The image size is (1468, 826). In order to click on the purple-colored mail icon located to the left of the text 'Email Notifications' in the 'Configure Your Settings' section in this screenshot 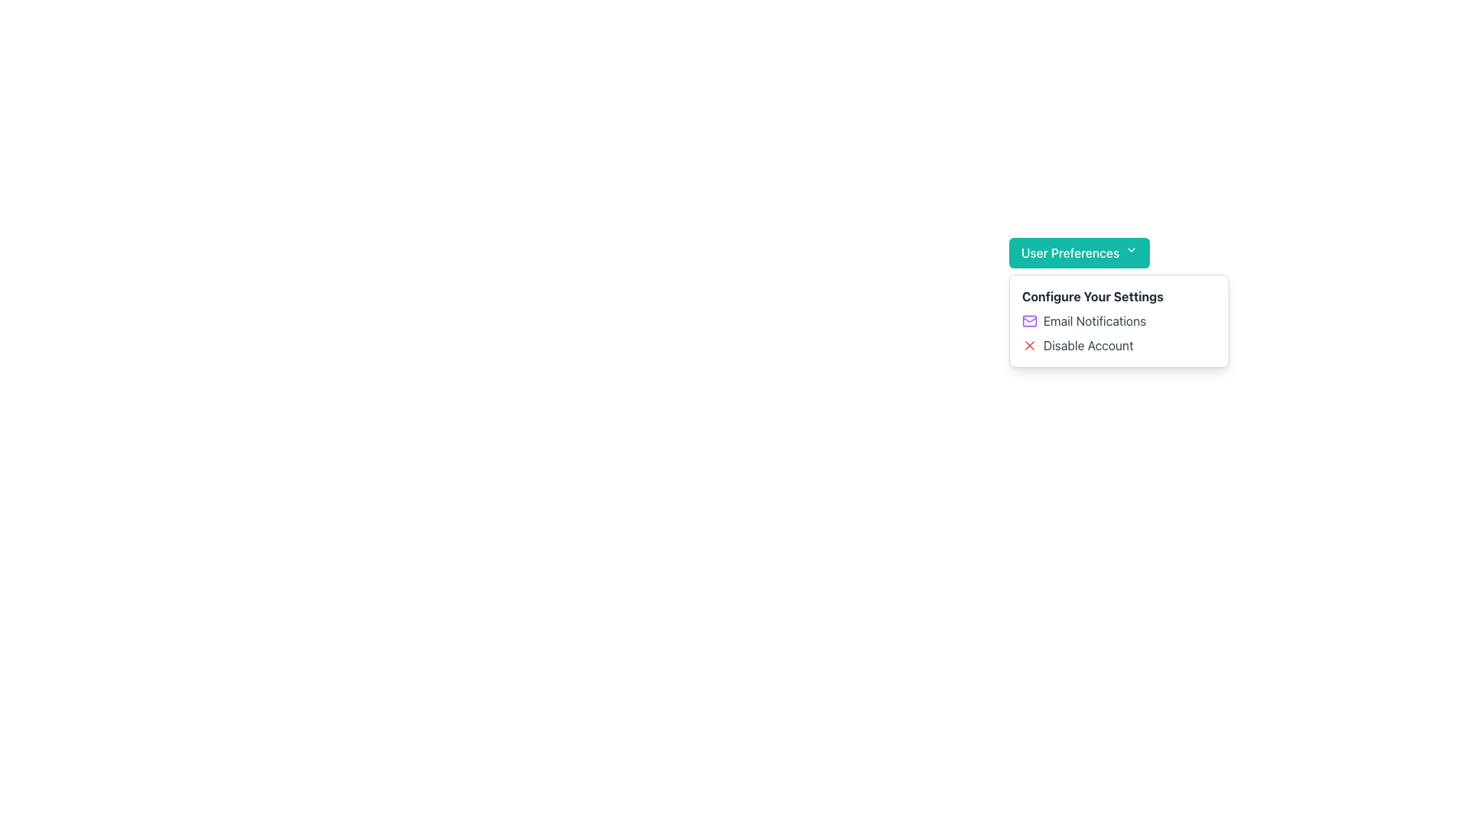, I will do `click(1029, 320)`.